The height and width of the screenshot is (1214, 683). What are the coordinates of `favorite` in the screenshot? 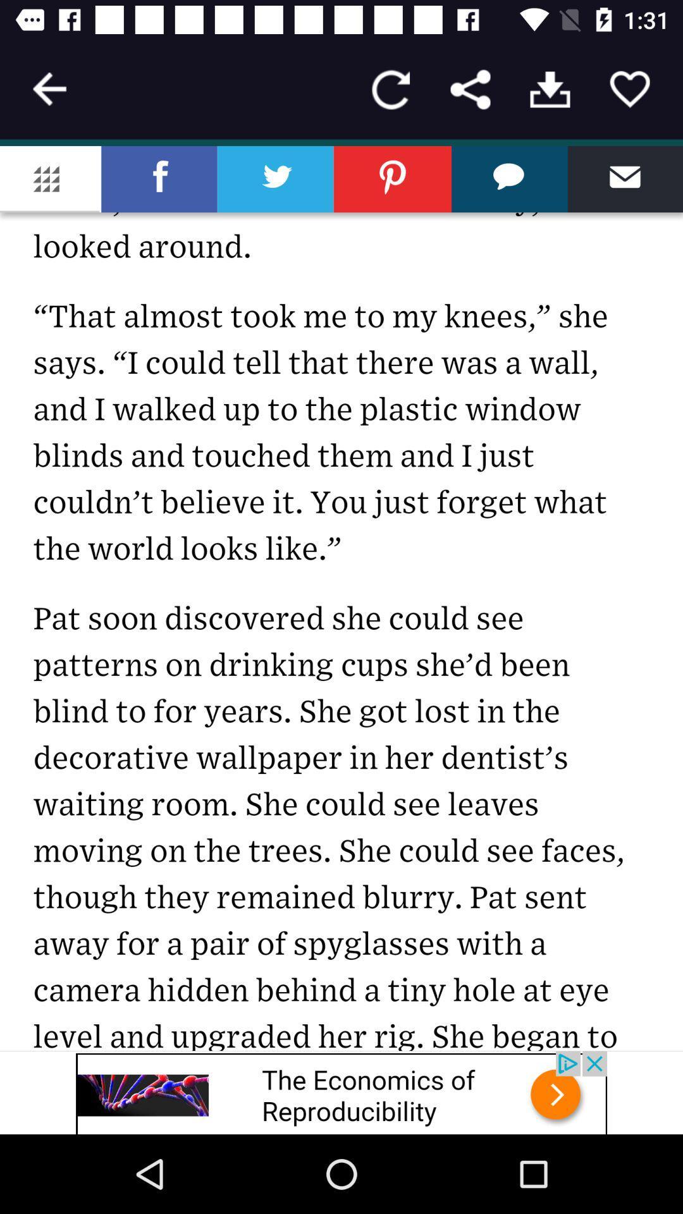 It's located at (629, 89).